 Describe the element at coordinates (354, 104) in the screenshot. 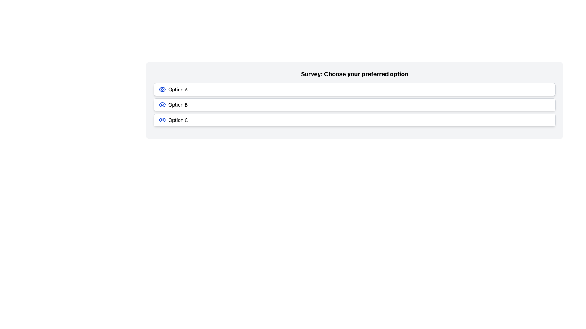

I see `the second button in the multiple-choice interface` at that location.